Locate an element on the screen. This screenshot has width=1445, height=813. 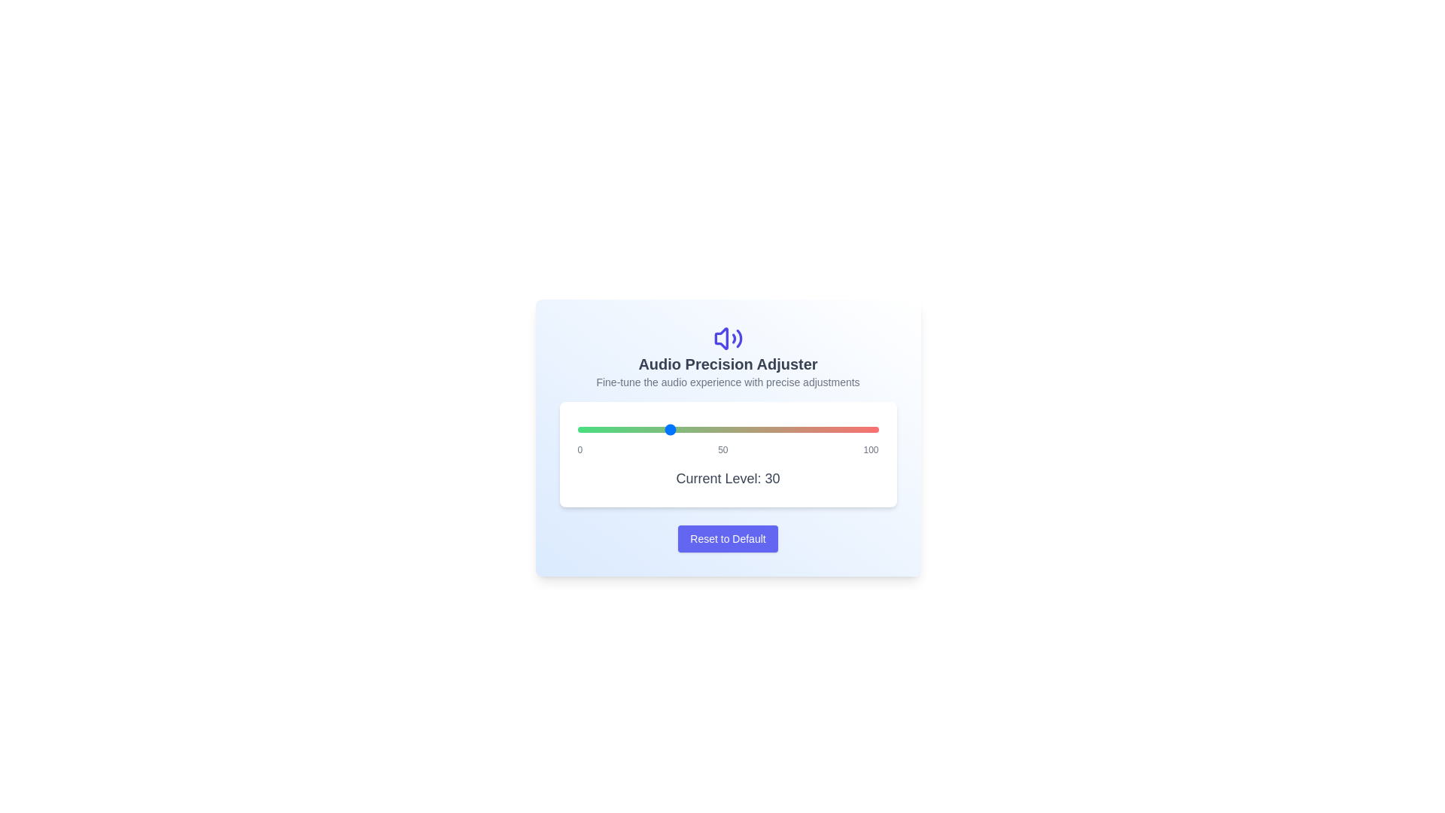
the audio level to 95 using the slider is located at coordinates (863, 429).